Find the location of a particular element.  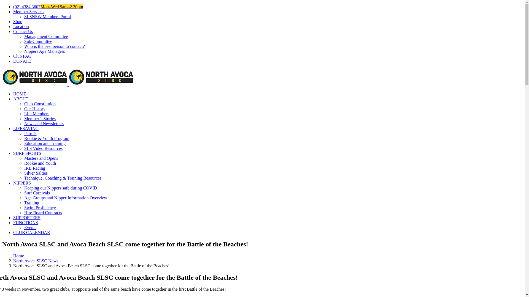

'SURF SPORTS' is located at coordinates (27, 153).